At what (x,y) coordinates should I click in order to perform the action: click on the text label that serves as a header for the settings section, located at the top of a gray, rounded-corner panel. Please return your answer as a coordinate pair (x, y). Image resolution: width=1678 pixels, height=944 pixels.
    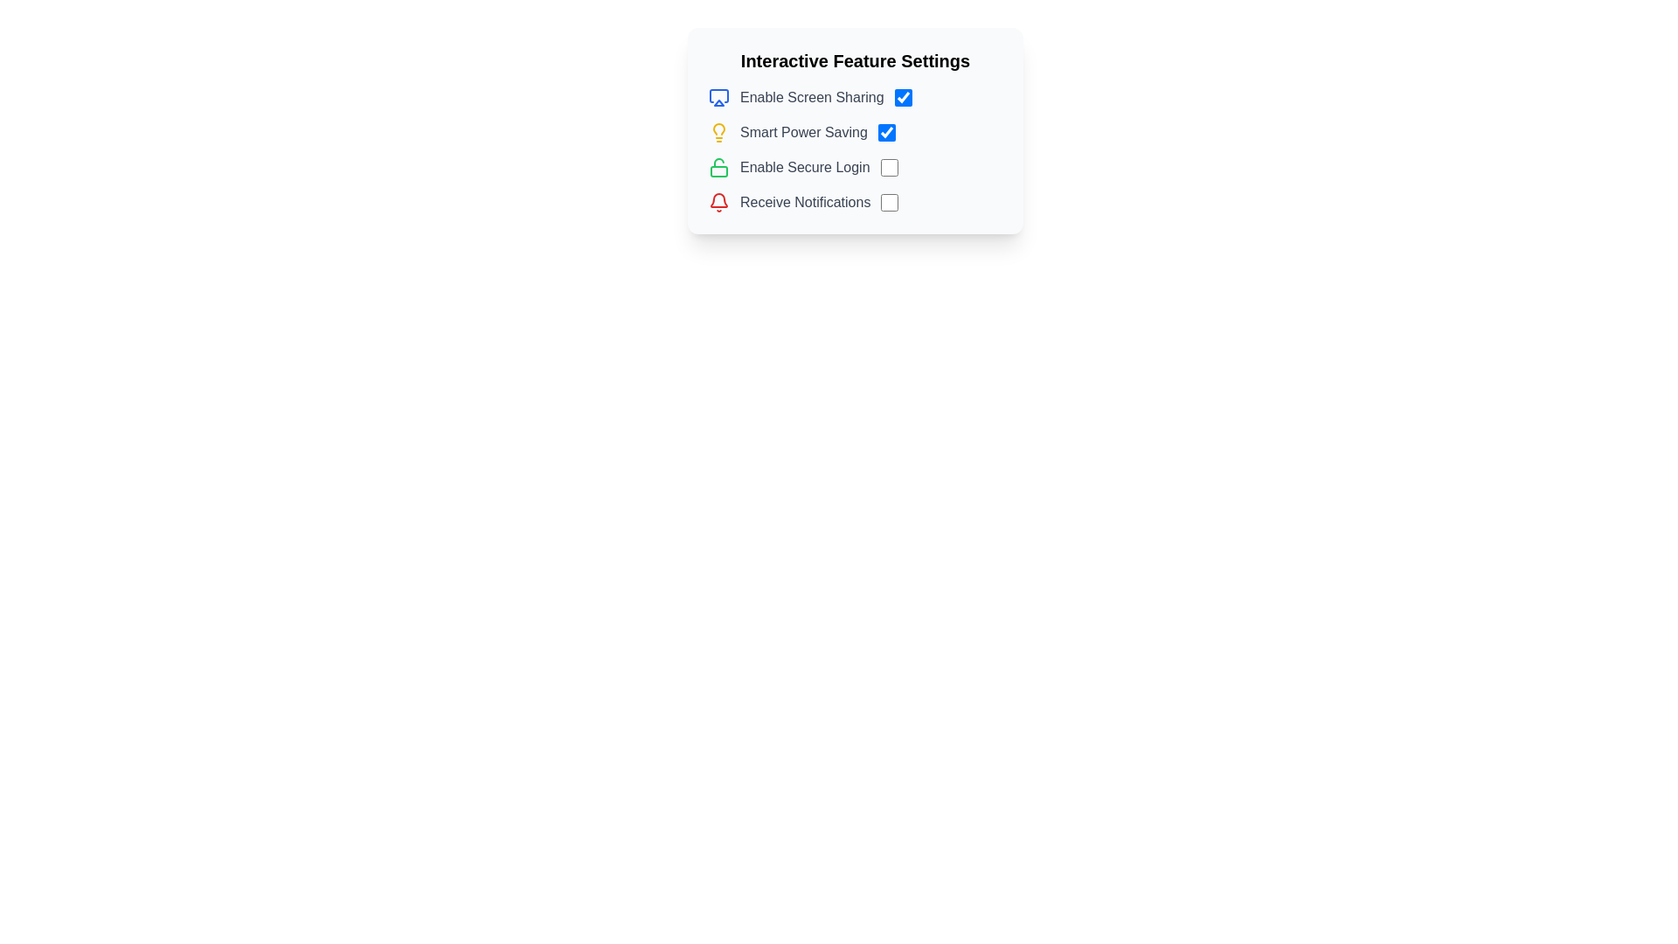
    Looking at the image, I should click on (856, 59).